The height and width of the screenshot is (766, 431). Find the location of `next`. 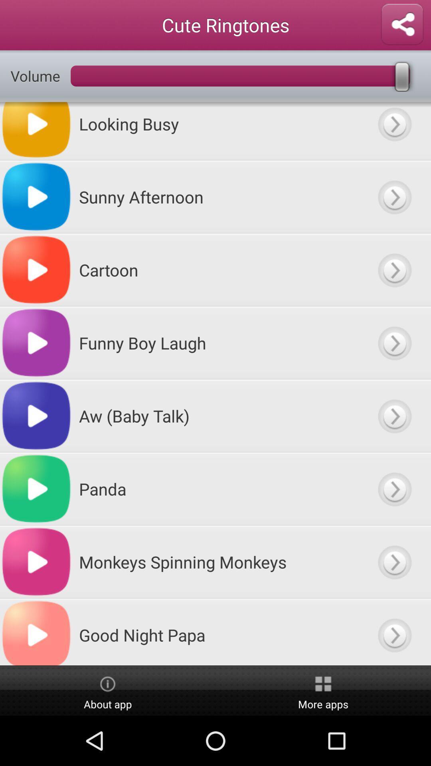

next is located at coordinates (394, 632).